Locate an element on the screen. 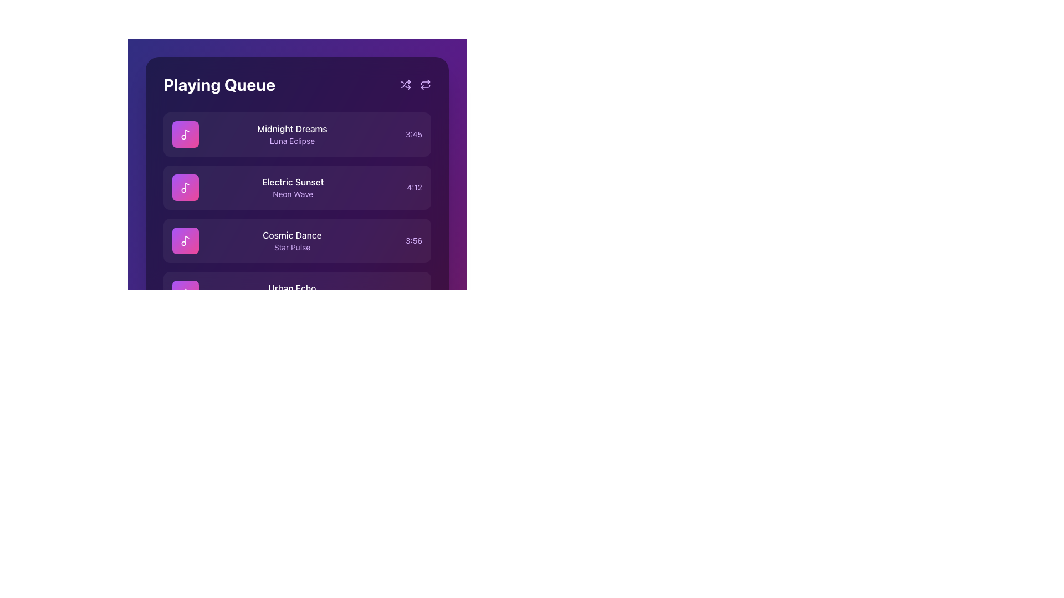 The image size is (1064, 598). either of the interactive icons representing shuffle and repeat actions located in the top-right corner of the 'Playing Queue' section is located at coordinates (415, 84).